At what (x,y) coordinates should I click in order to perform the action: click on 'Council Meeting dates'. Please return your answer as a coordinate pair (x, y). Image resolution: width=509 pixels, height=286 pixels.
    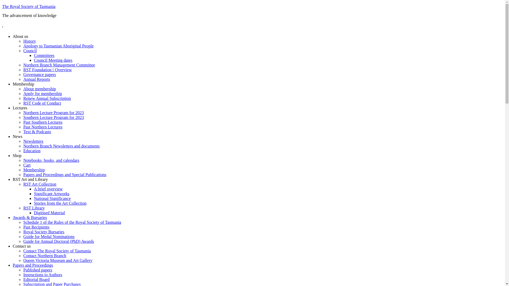
    Looking at the image, I should click on (53, 60).